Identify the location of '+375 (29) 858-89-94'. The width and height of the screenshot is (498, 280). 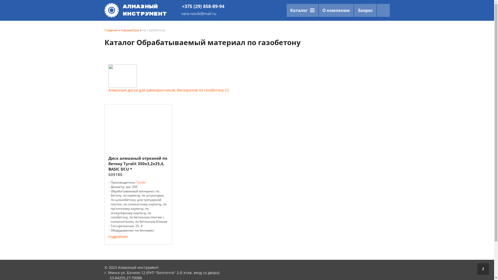
(200, 6).